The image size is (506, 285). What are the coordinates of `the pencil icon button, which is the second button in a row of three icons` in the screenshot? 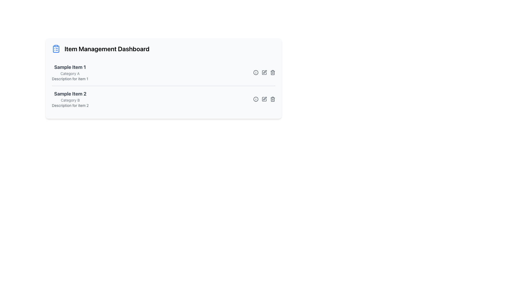 It's located at (264, 72).